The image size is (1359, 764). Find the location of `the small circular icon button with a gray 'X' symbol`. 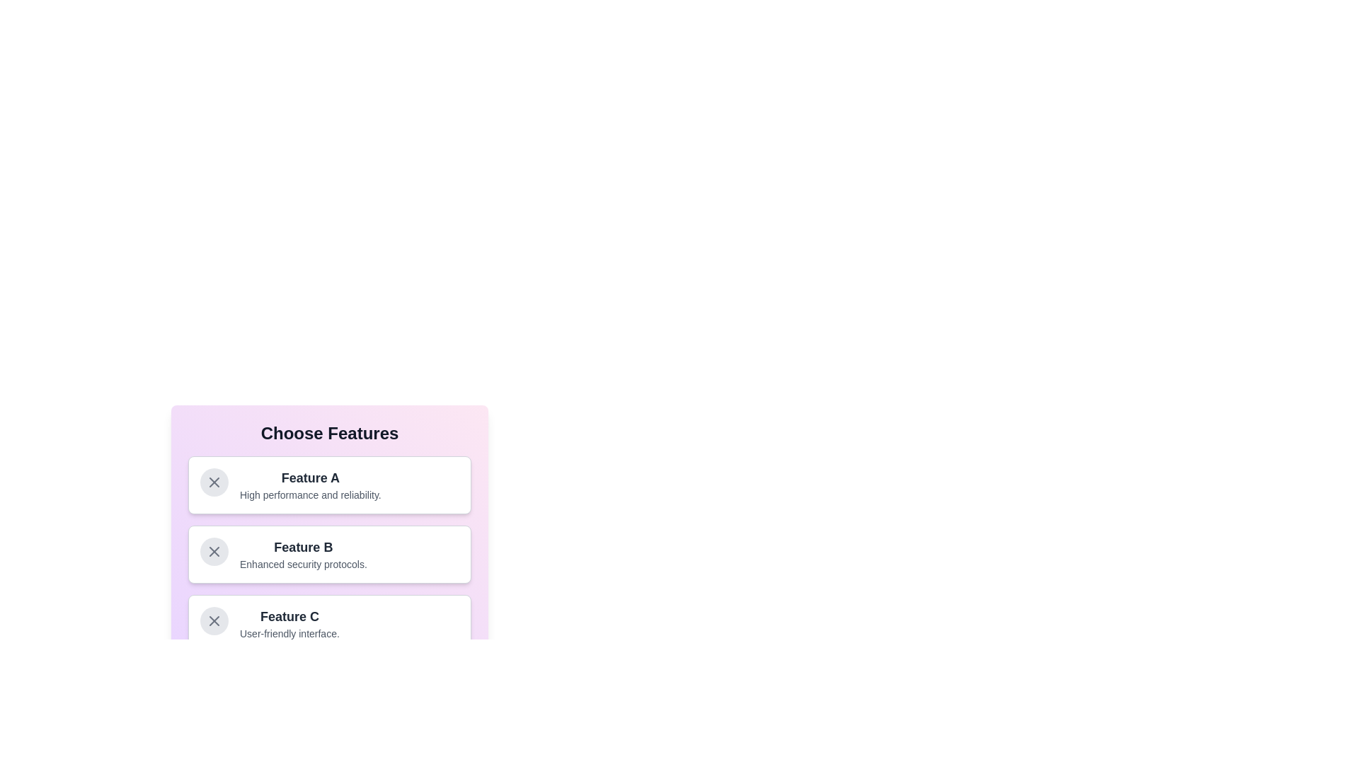

the small circular icon button with a gray 'X' symbol is located at coordinates (213, 550).